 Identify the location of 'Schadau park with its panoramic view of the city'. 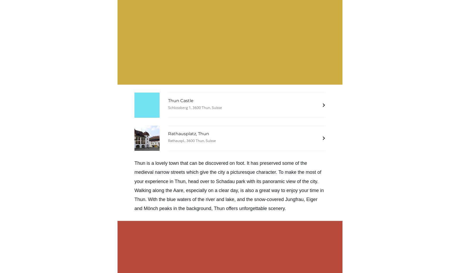
(266, 181).